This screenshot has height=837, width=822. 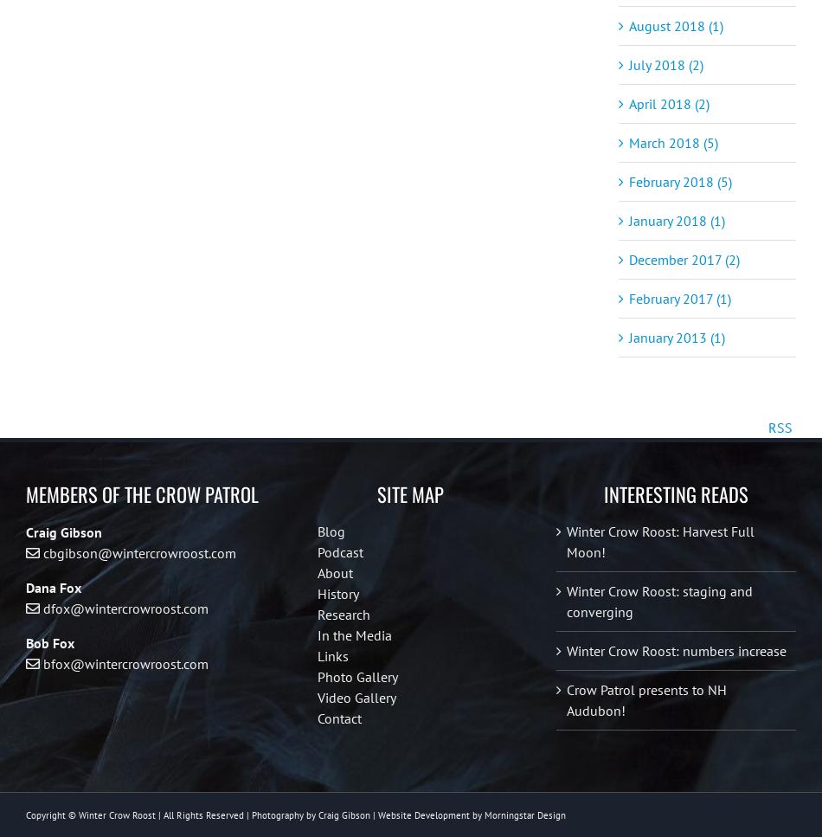 What do you see at coordinates (683, 258) in the screenshot?
I see `'December 2017 (2)'` at bounding box center [683, 258].